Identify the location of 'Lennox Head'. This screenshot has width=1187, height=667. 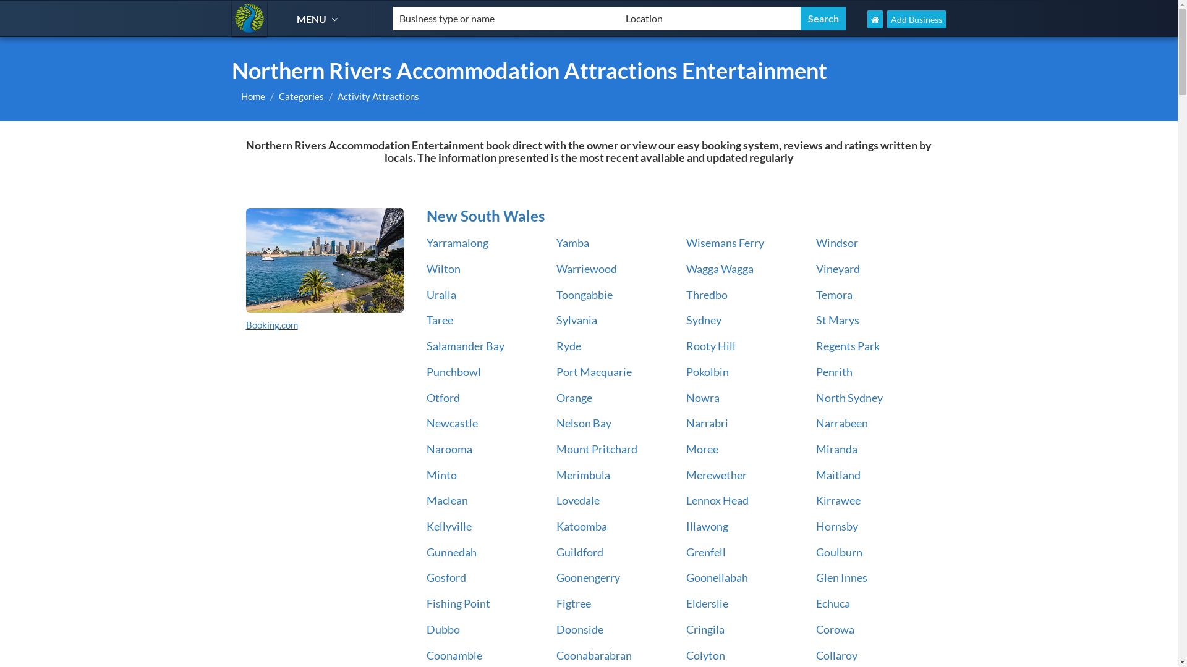
(717, 500).